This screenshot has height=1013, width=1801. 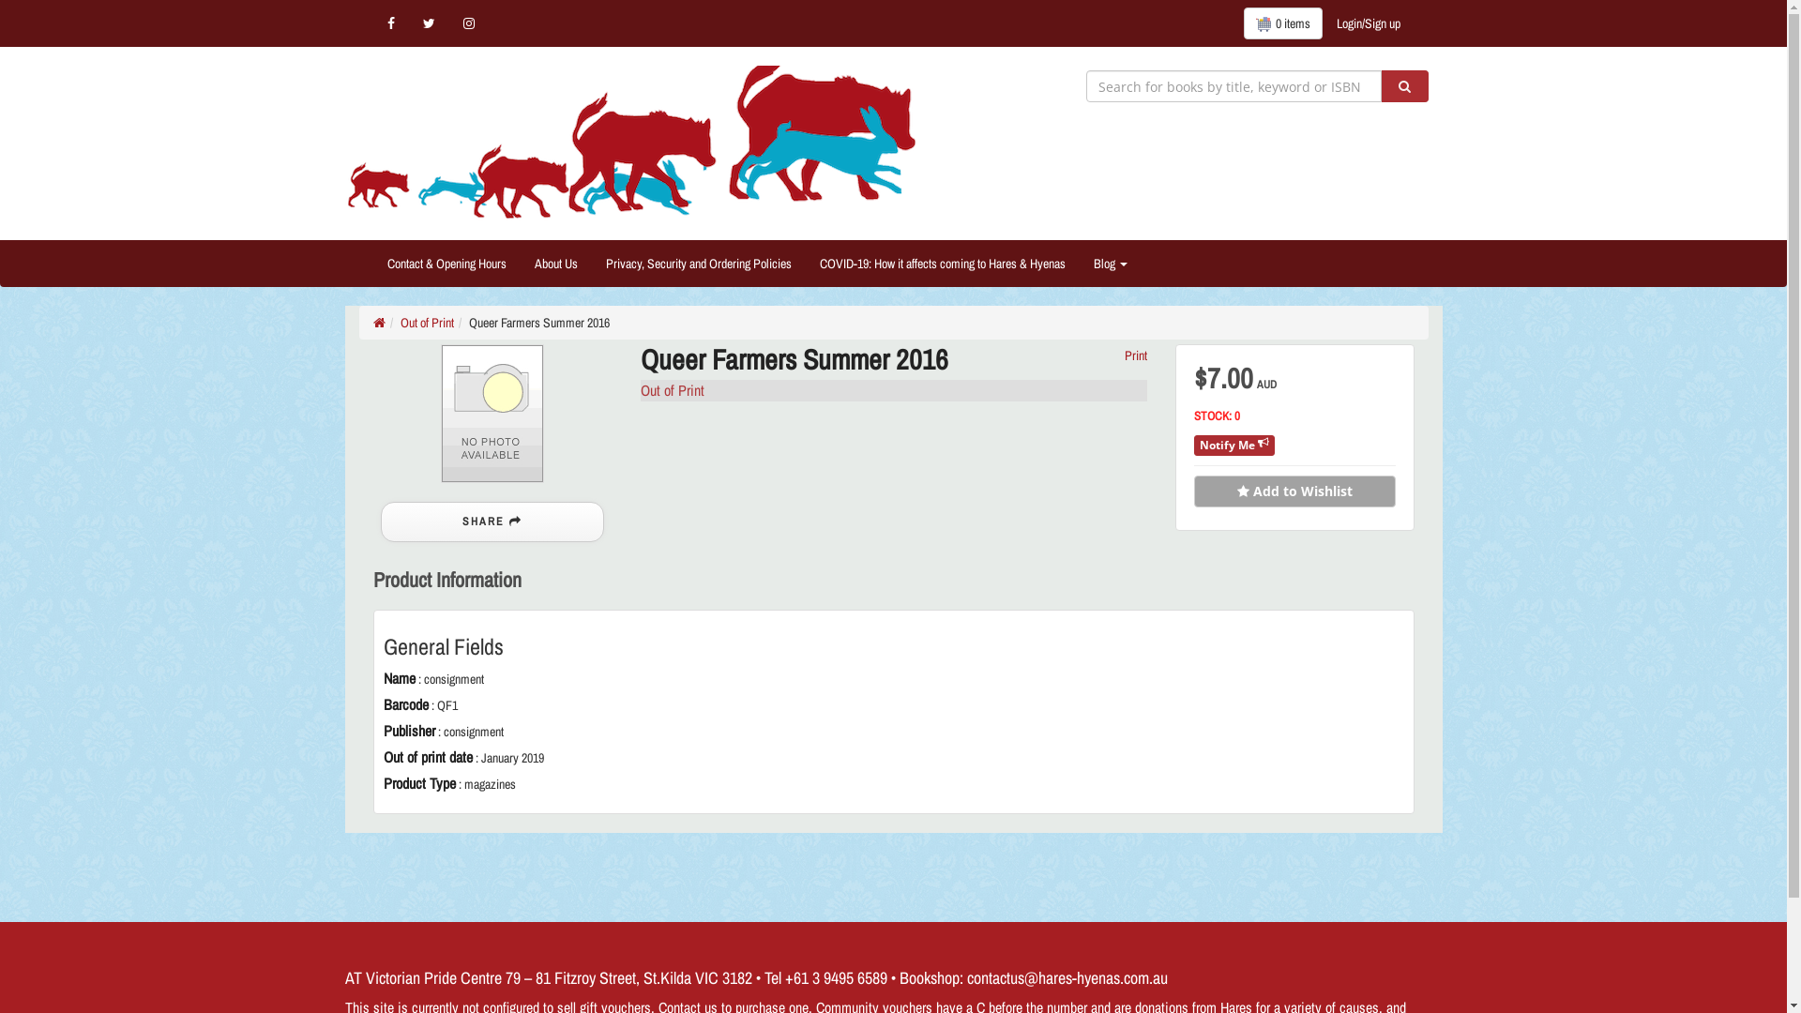 I want to click on 'Notify Me', so click(x=1233, y=445).